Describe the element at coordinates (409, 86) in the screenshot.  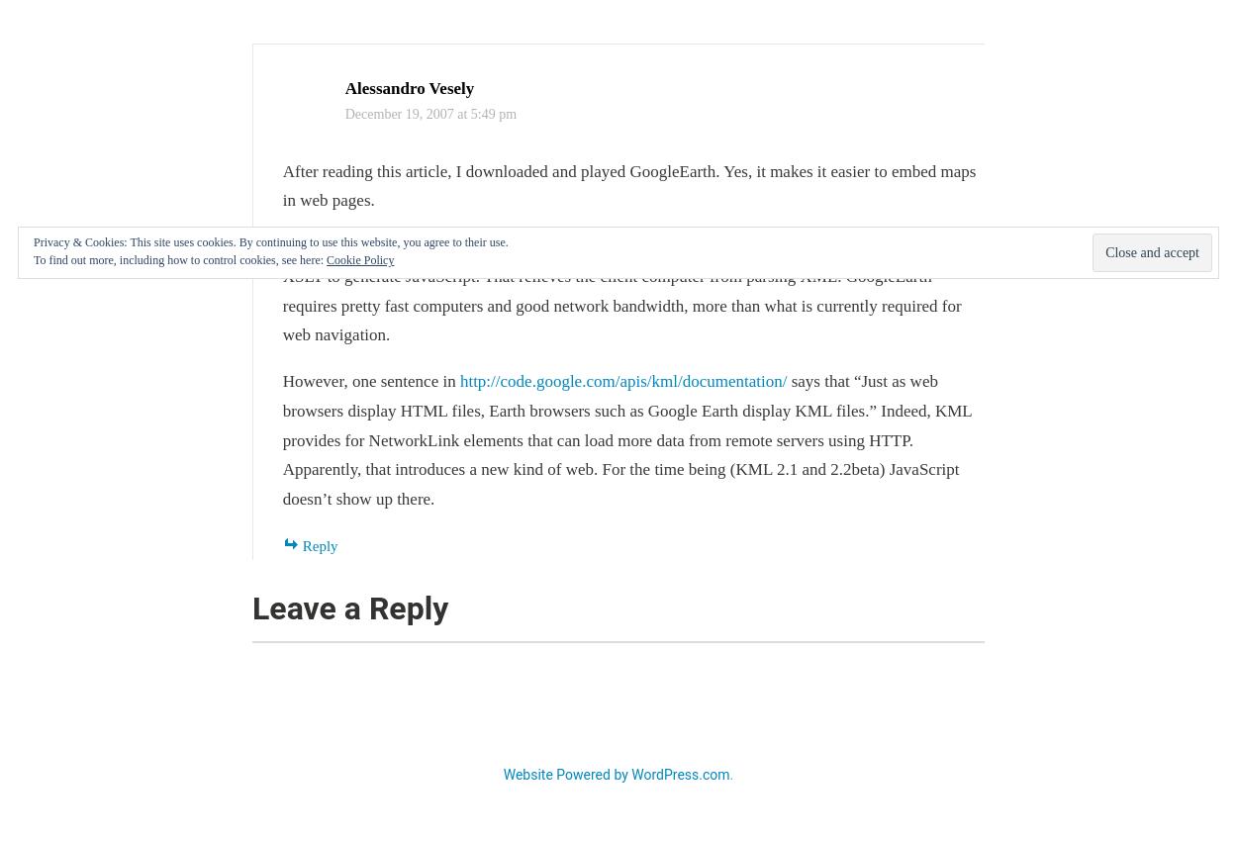
I see `'Alessandro Vesely'` at that location.